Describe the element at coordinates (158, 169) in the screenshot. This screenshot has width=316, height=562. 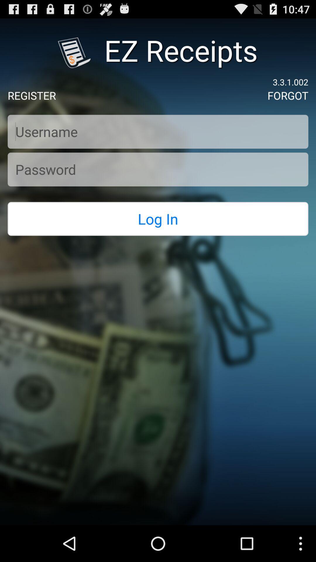
I see `password` at that location.